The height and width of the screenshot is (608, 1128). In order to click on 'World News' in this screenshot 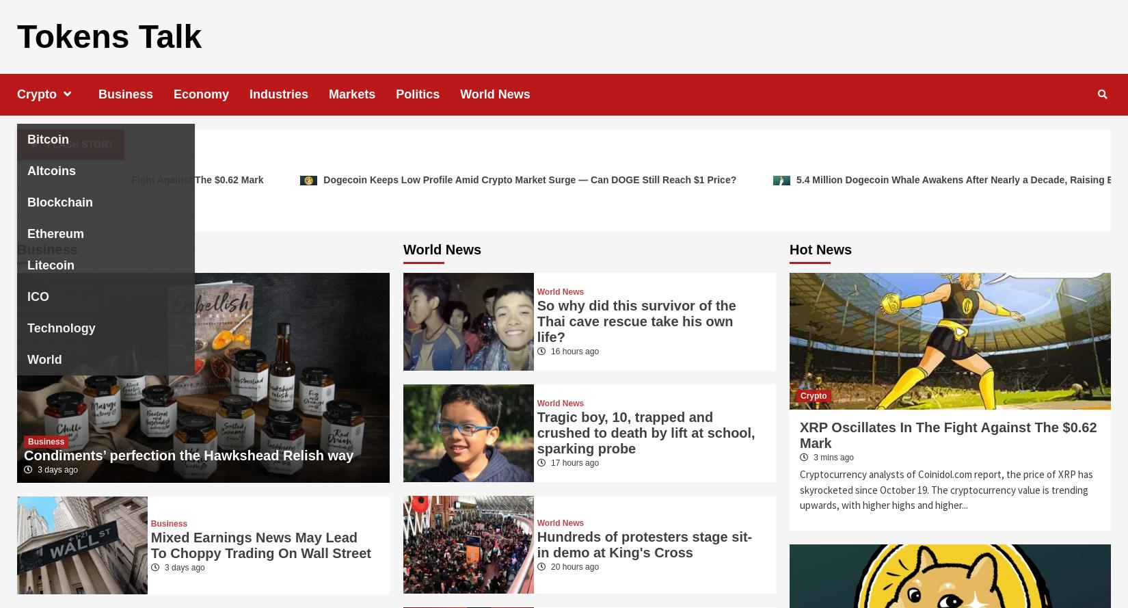, I will do `click(441, 249)`.